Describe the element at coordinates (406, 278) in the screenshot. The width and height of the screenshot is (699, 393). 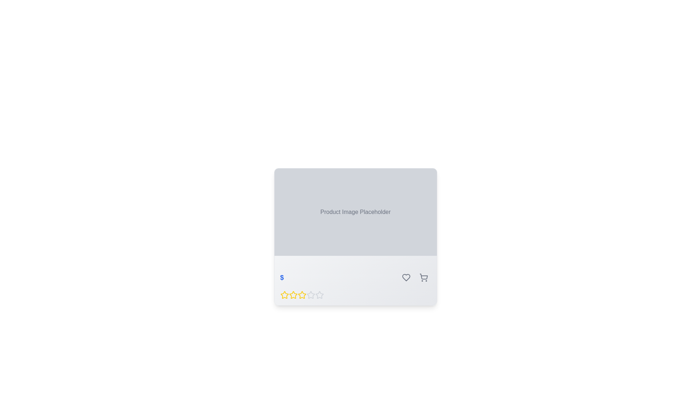
I see `the heart-shaped icon located at the bottom section of the product card UI, which is to the right of the currency symbol and the star icons, and to the left of the shopping cart icon, to favorite the product` at that location.